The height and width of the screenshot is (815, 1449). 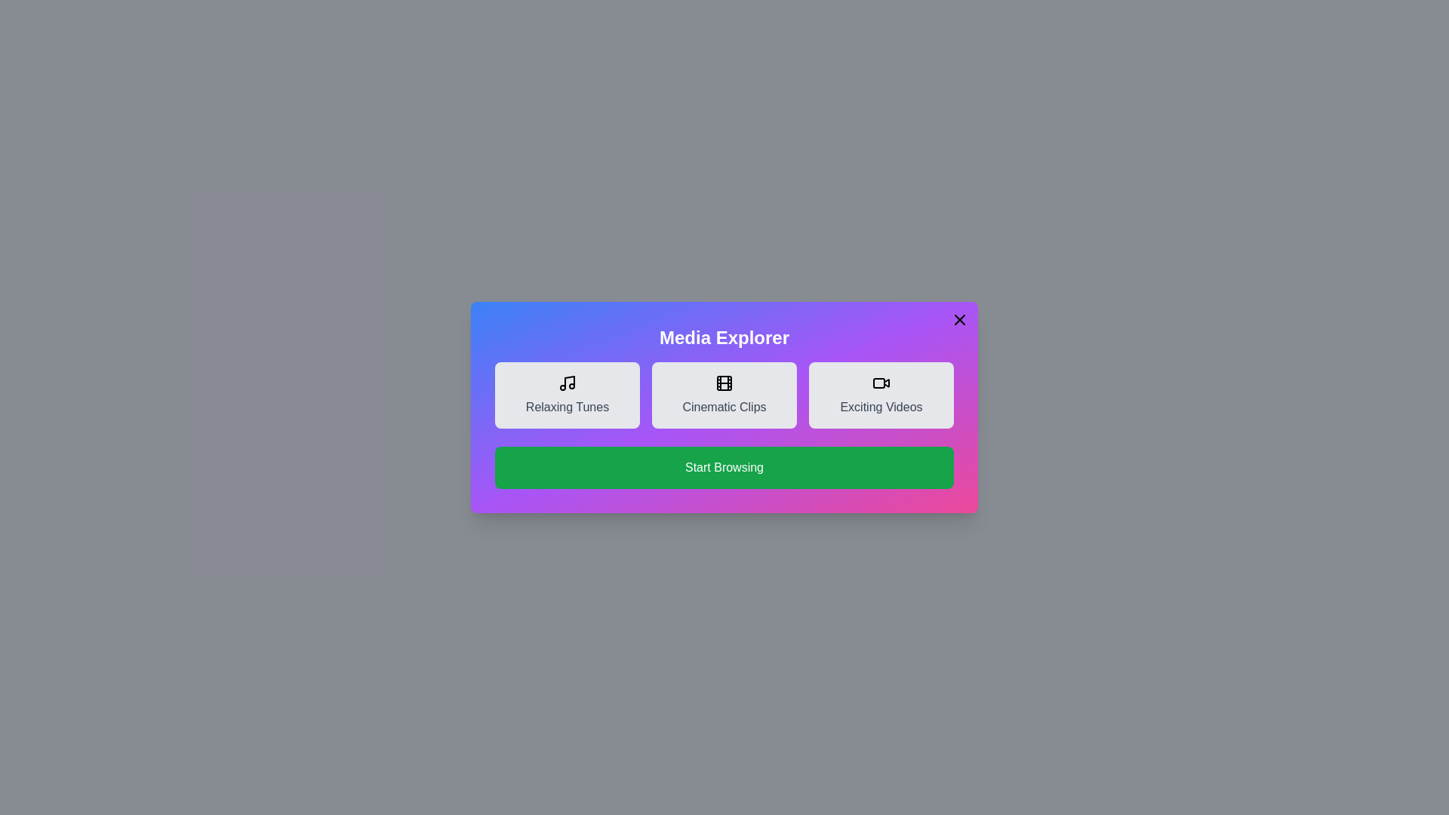 I want to click on the media item Exciting Videos, so click(x=881, y=395).